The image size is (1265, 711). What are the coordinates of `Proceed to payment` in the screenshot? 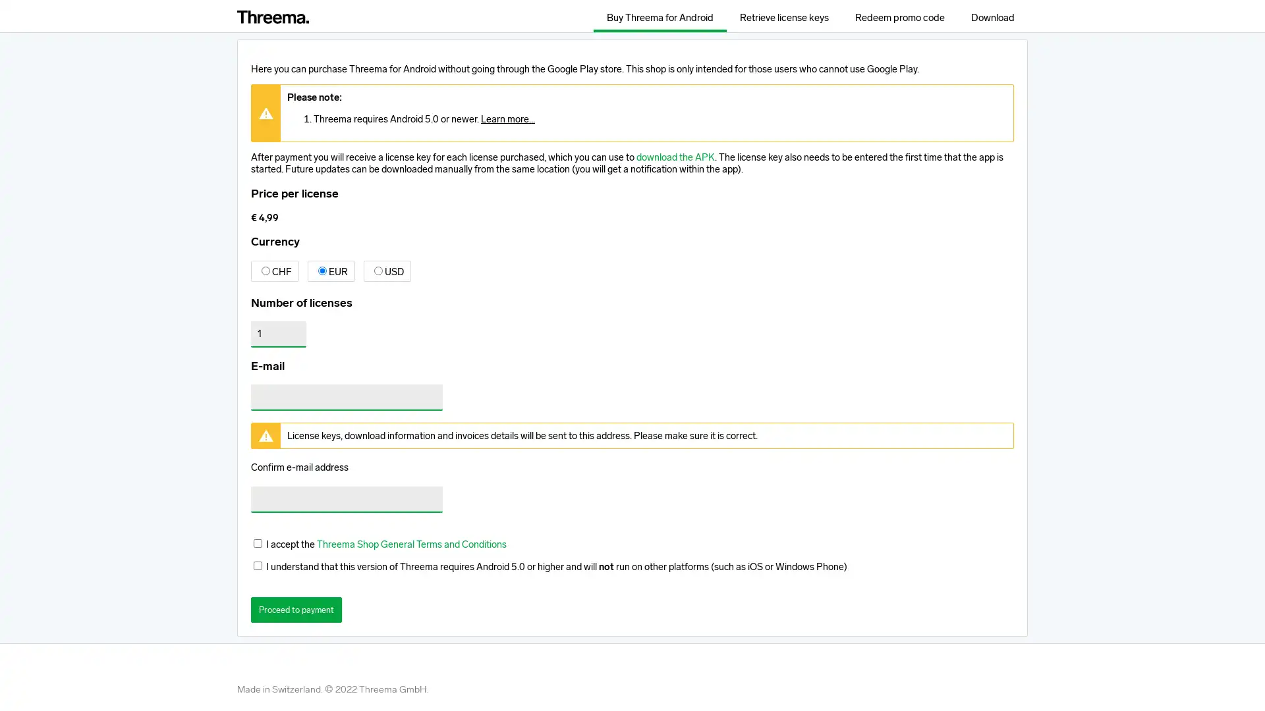 It's located at (296, 609).